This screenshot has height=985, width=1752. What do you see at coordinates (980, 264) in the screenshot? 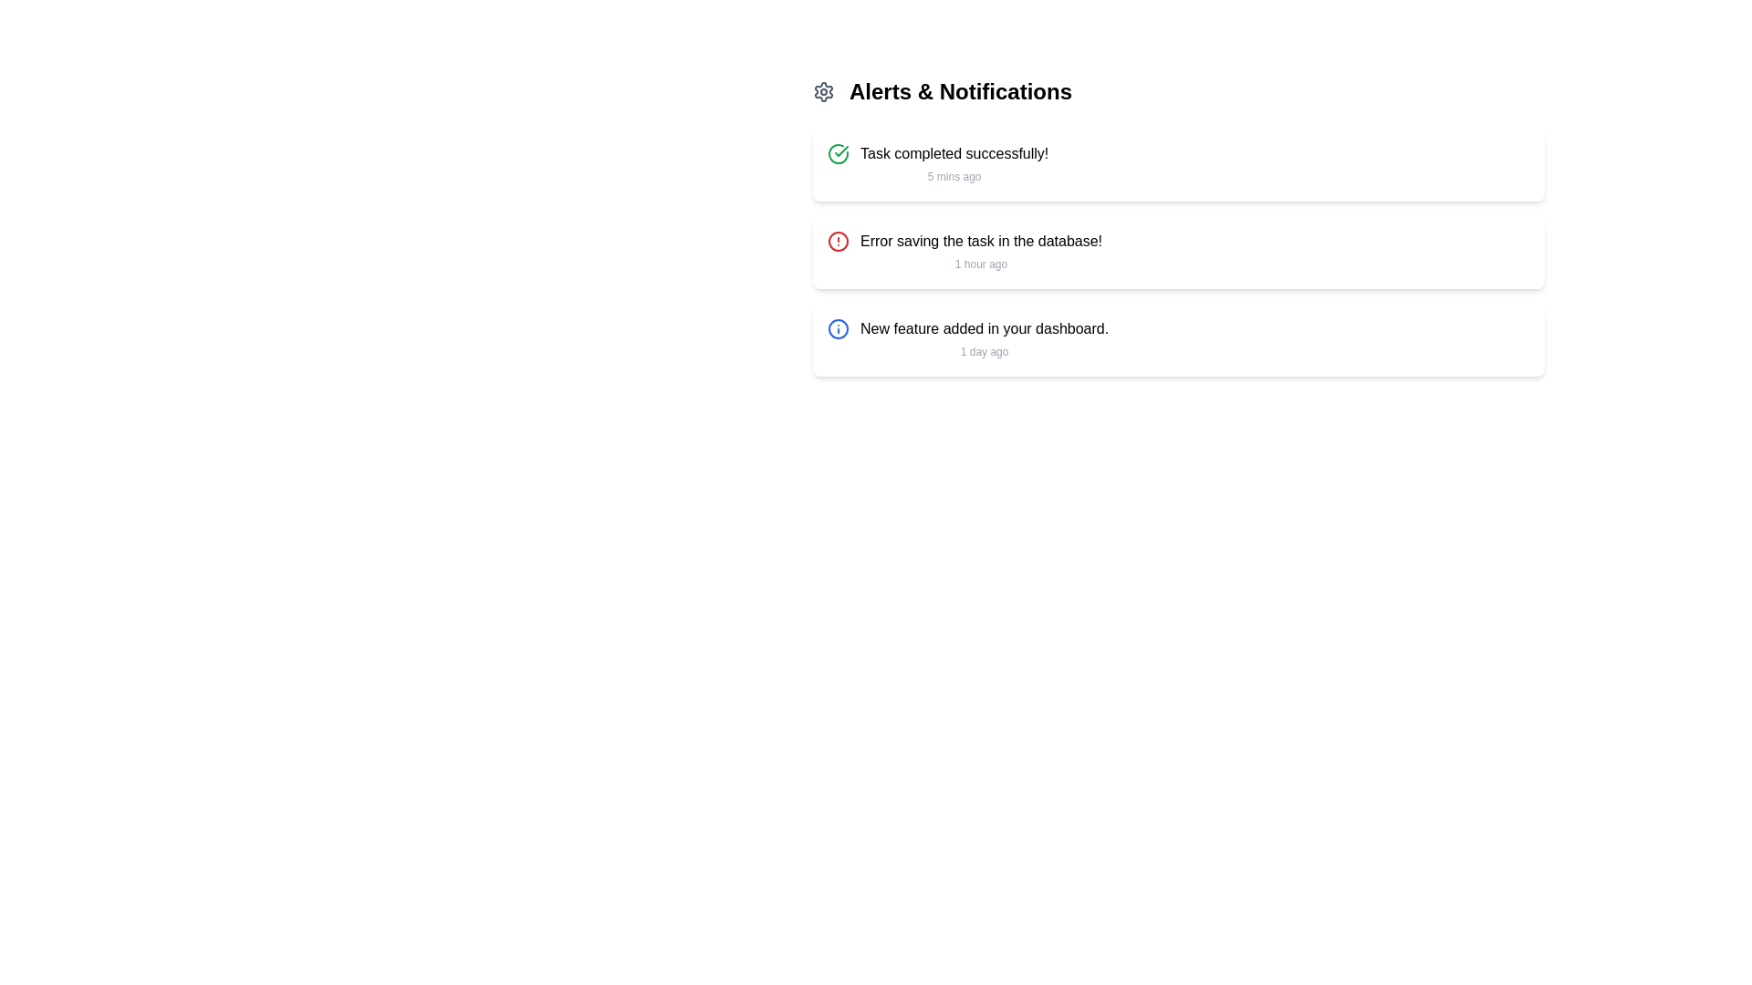
I see `the timestamp text label located at the bottom left of the second alert in the 'Alerts & Notifications' section` at bounding box center [980, 264].